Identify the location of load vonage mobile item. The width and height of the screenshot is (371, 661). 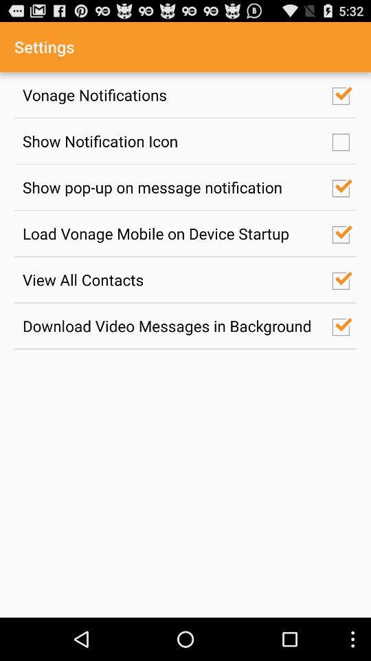
(170, 233).